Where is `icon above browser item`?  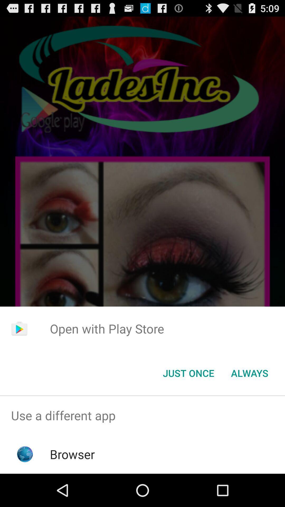
icon above browser item is located at coordinates (142, 415).